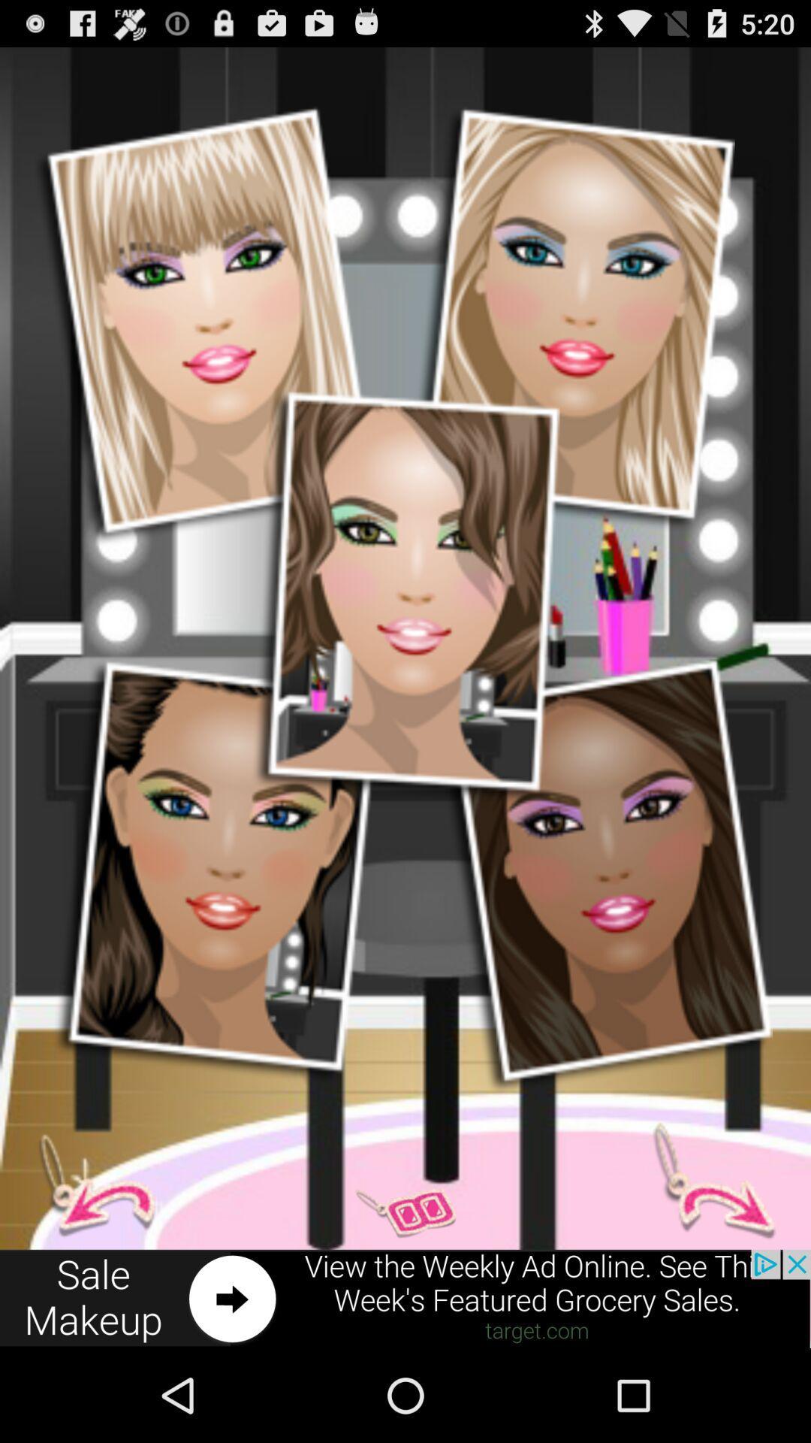 The width and height of the screenshot is (811, 1443). Describe the element at coordinates (704, 1263) in the screenshot. I see `the bookmark icon` at that location.